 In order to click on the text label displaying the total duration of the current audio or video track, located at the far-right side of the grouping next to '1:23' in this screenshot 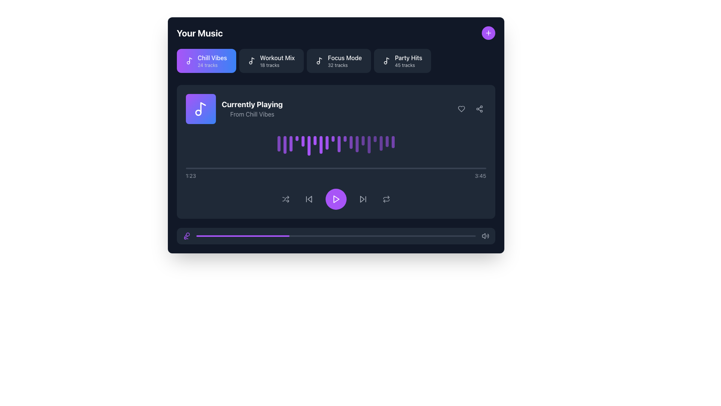, I will do `click(480, 176)`.